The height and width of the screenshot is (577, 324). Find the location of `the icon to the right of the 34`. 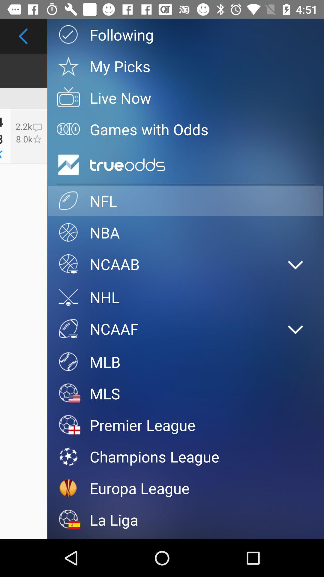

the icon to the right of the 34 is located at coordinates (29, 136).